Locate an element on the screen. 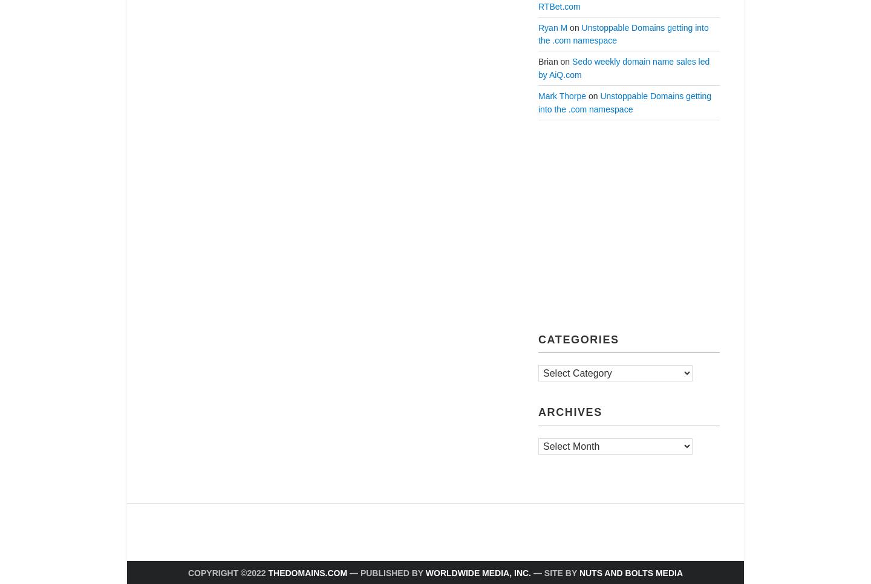 This screenshot has height=584, width=871. 'Worldwide Media, Inc.' is located at coordinates (478, 572).